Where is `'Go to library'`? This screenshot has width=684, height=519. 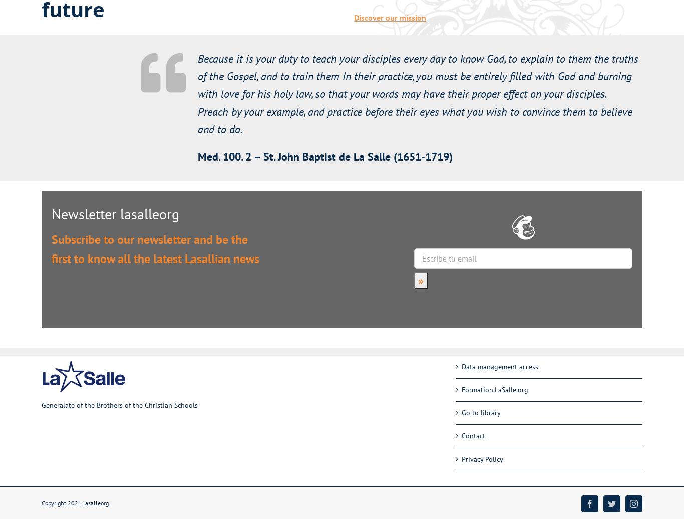
'Go to library' is located at coordinates (481, 413).